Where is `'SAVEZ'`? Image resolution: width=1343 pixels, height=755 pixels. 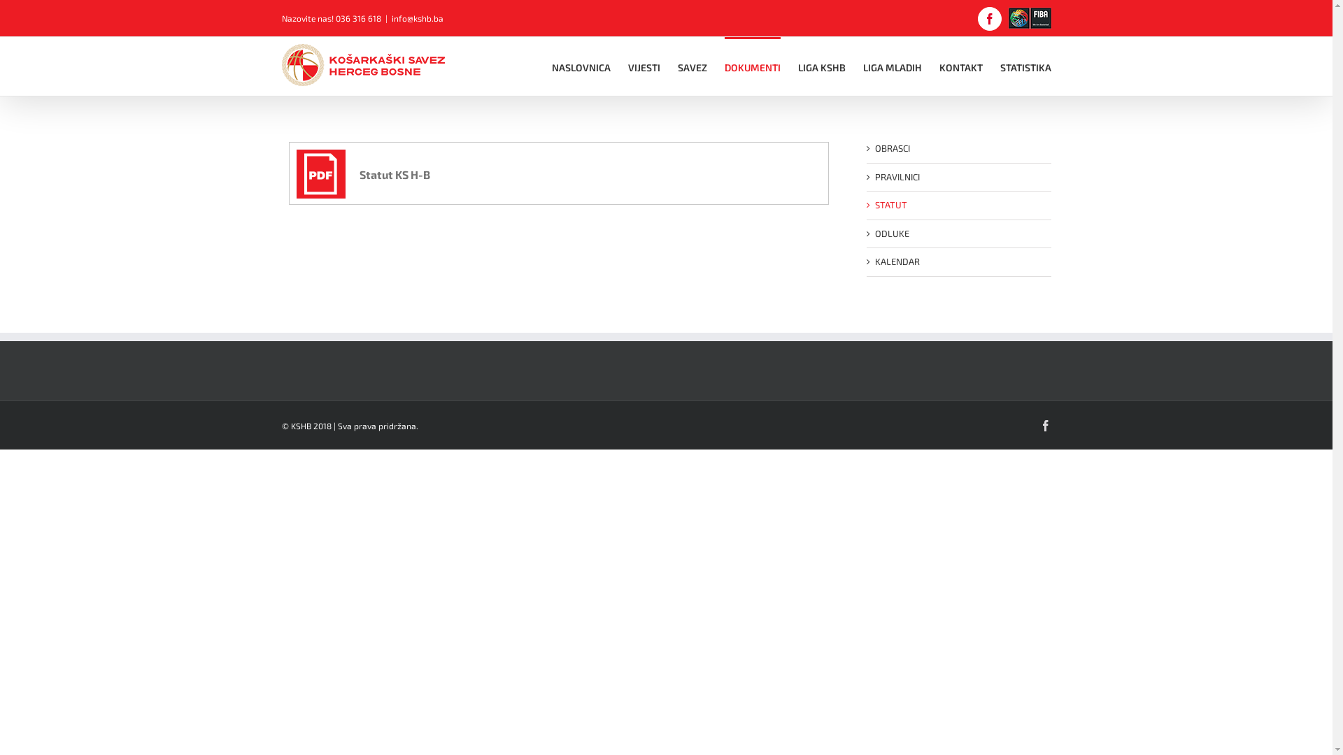 'SAVEZ' is located at coordinates (677, 66).